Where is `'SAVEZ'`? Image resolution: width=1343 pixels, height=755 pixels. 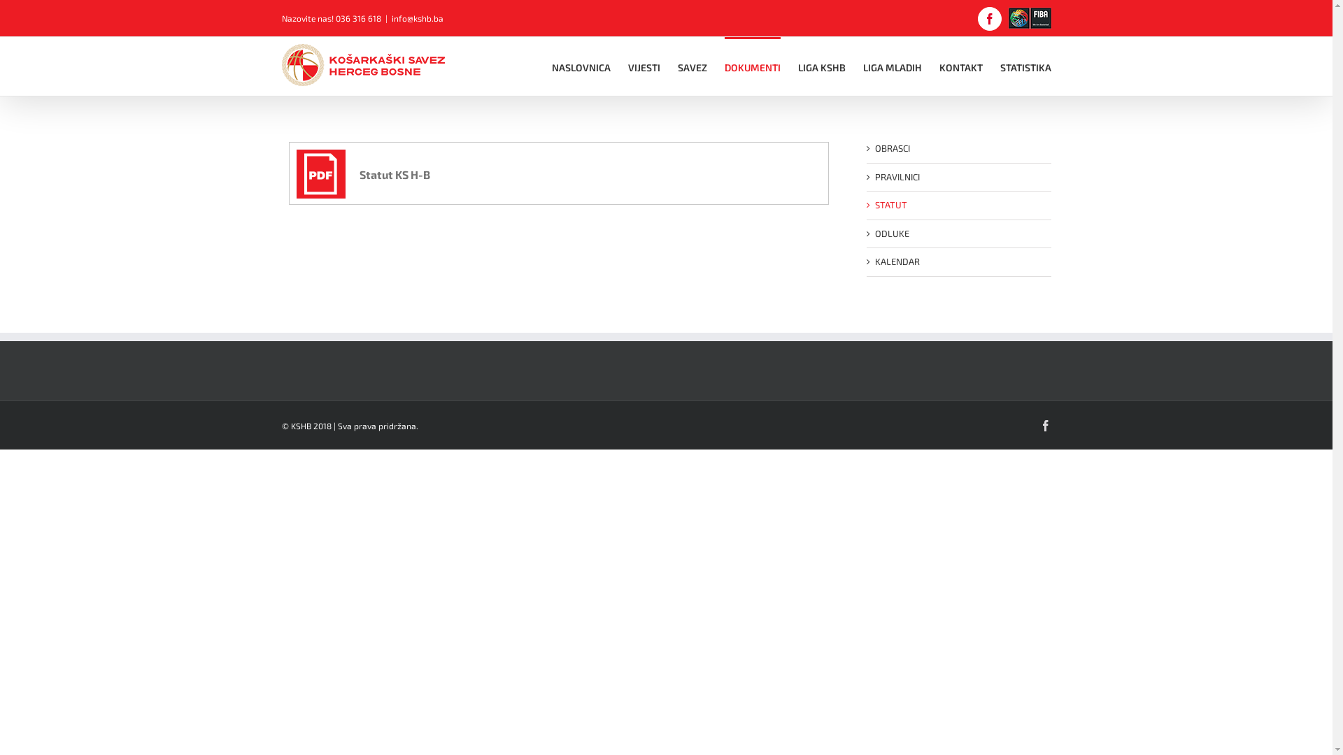 'SAVEZ' is located at coordinates (677, 66).